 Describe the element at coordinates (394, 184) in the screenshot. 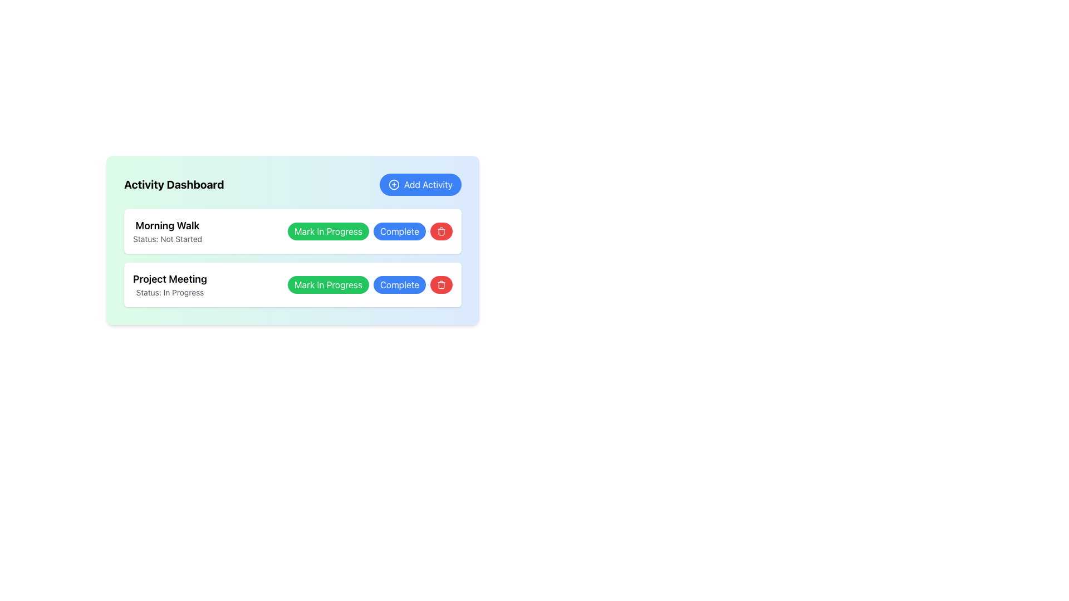

I see `the SVG circle component with a blue stroke and white background located in the upper-right corner of the 'Add Activity' button` at that location.